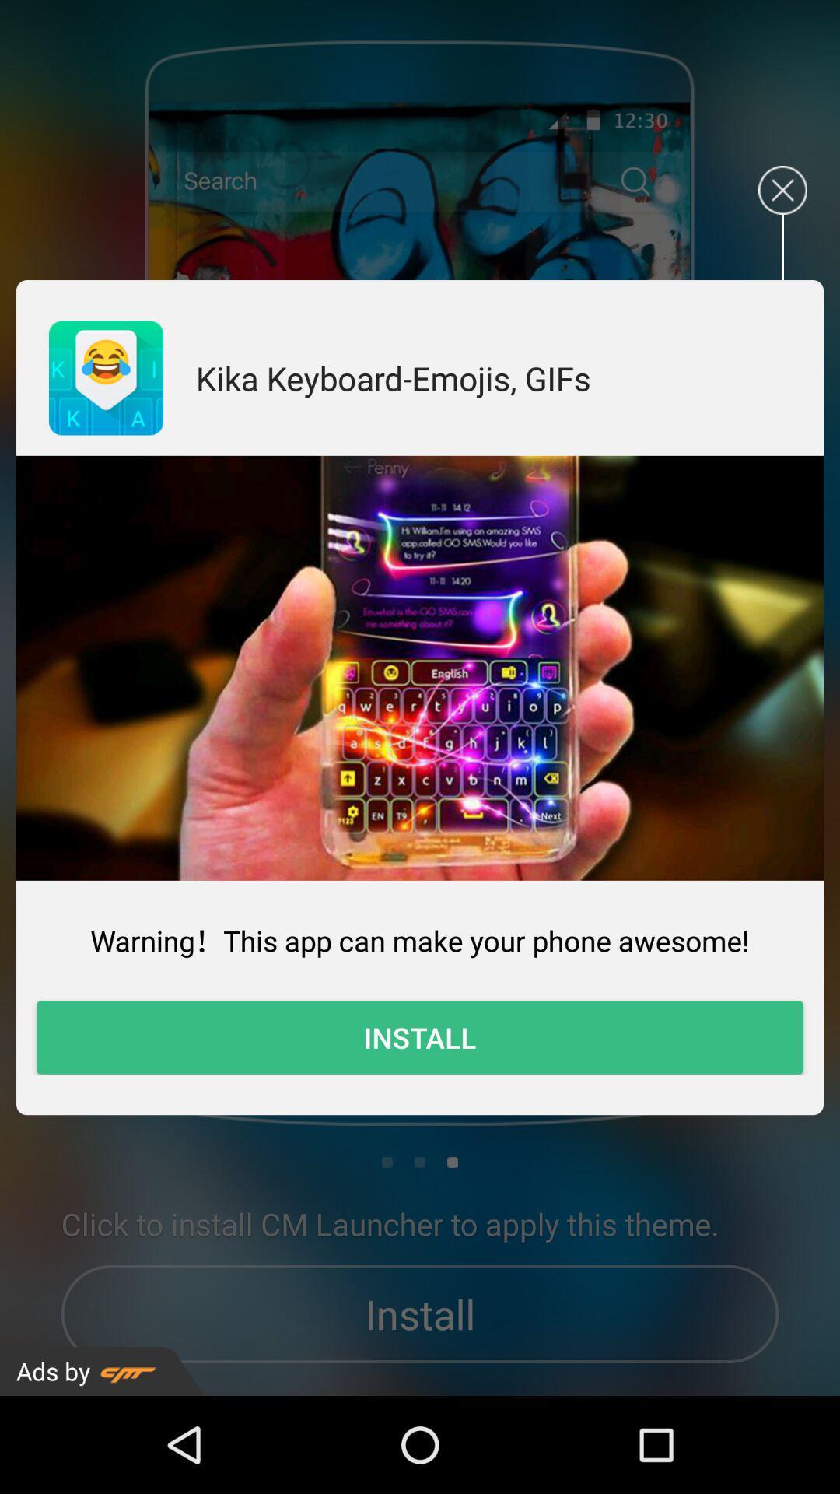  What do you see at coordinates (105, 377) in the screenshot?
I see `icon to the left of kika keyboard emojis` at bounding box center [105, 377].